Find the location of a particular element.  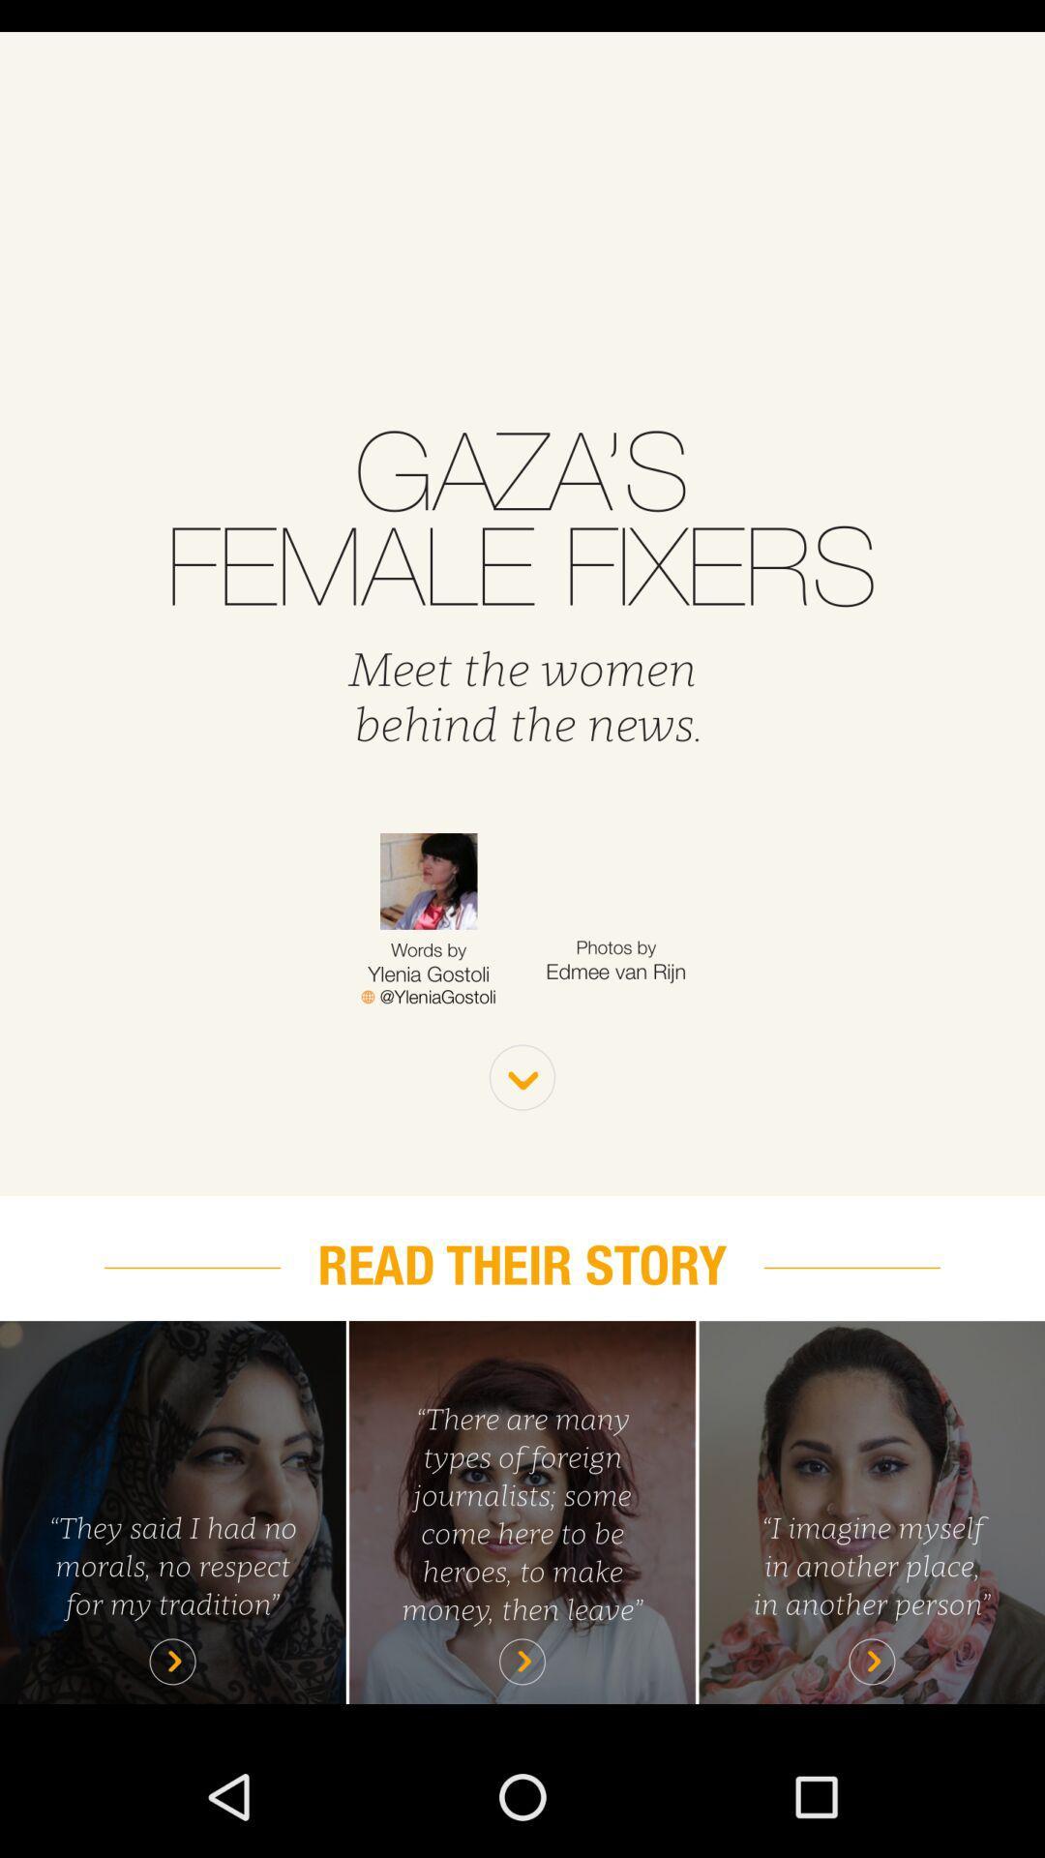

press down arrow is located at coordinates (522, 1076).